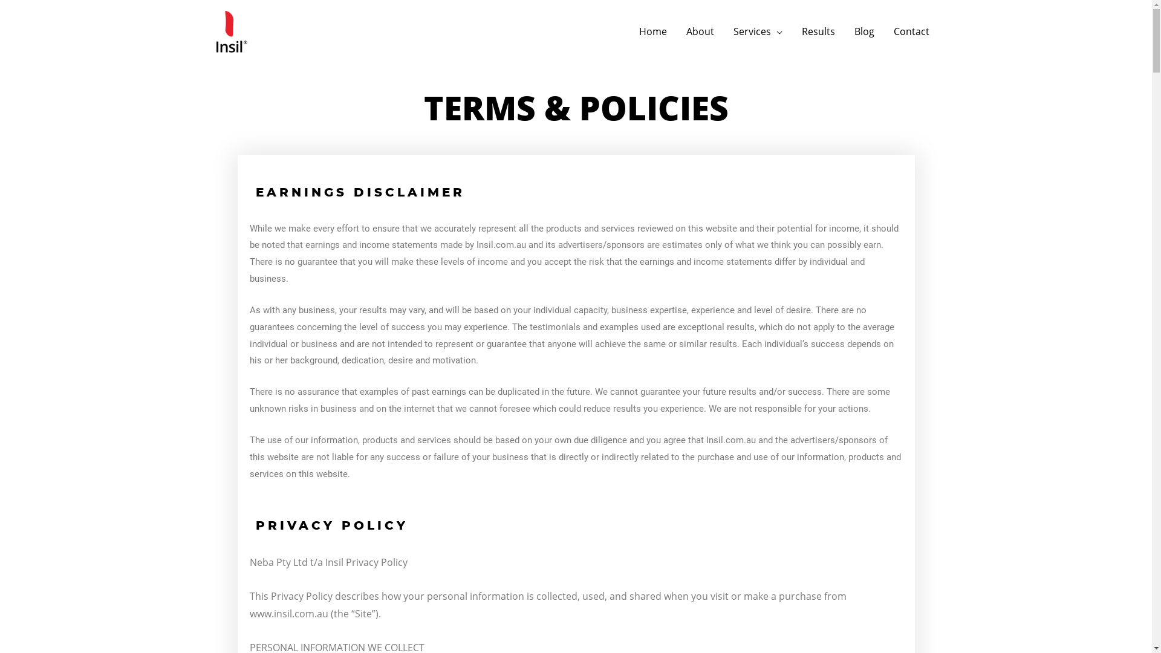  What do you see at coordinates (818, 30) in the screenshot?
I see `'Results'` at bounding box center [818, 30].